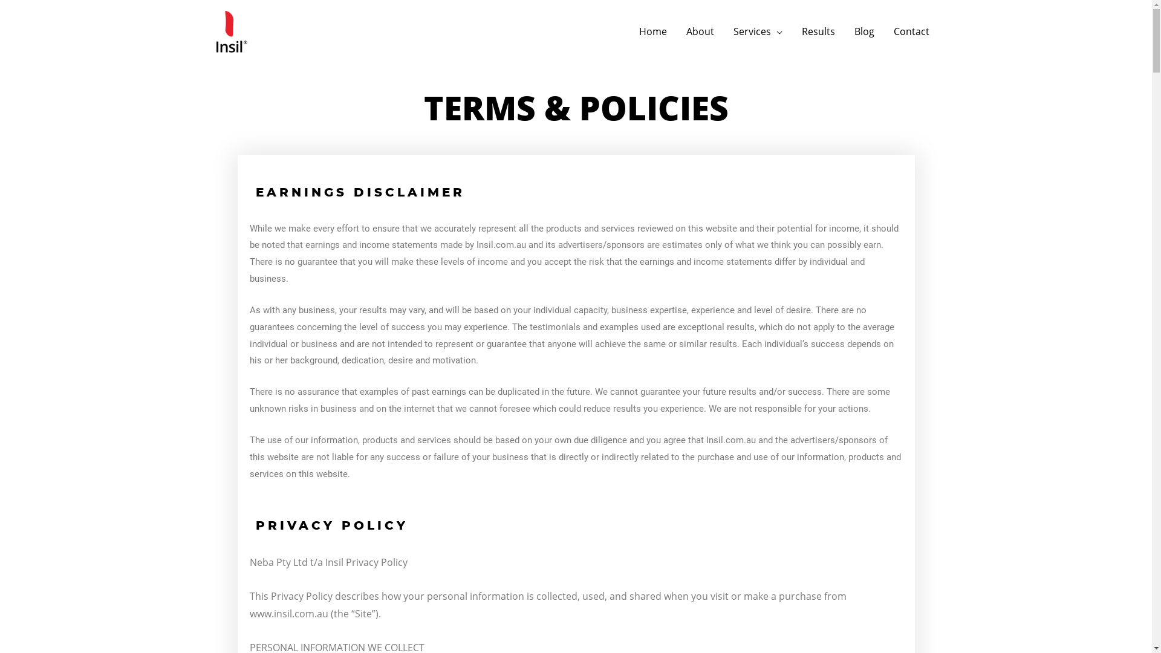  What do you see at coordinates (818, 30) in the screenshot?
I see `'Results'` at bounding box center [818, 30].